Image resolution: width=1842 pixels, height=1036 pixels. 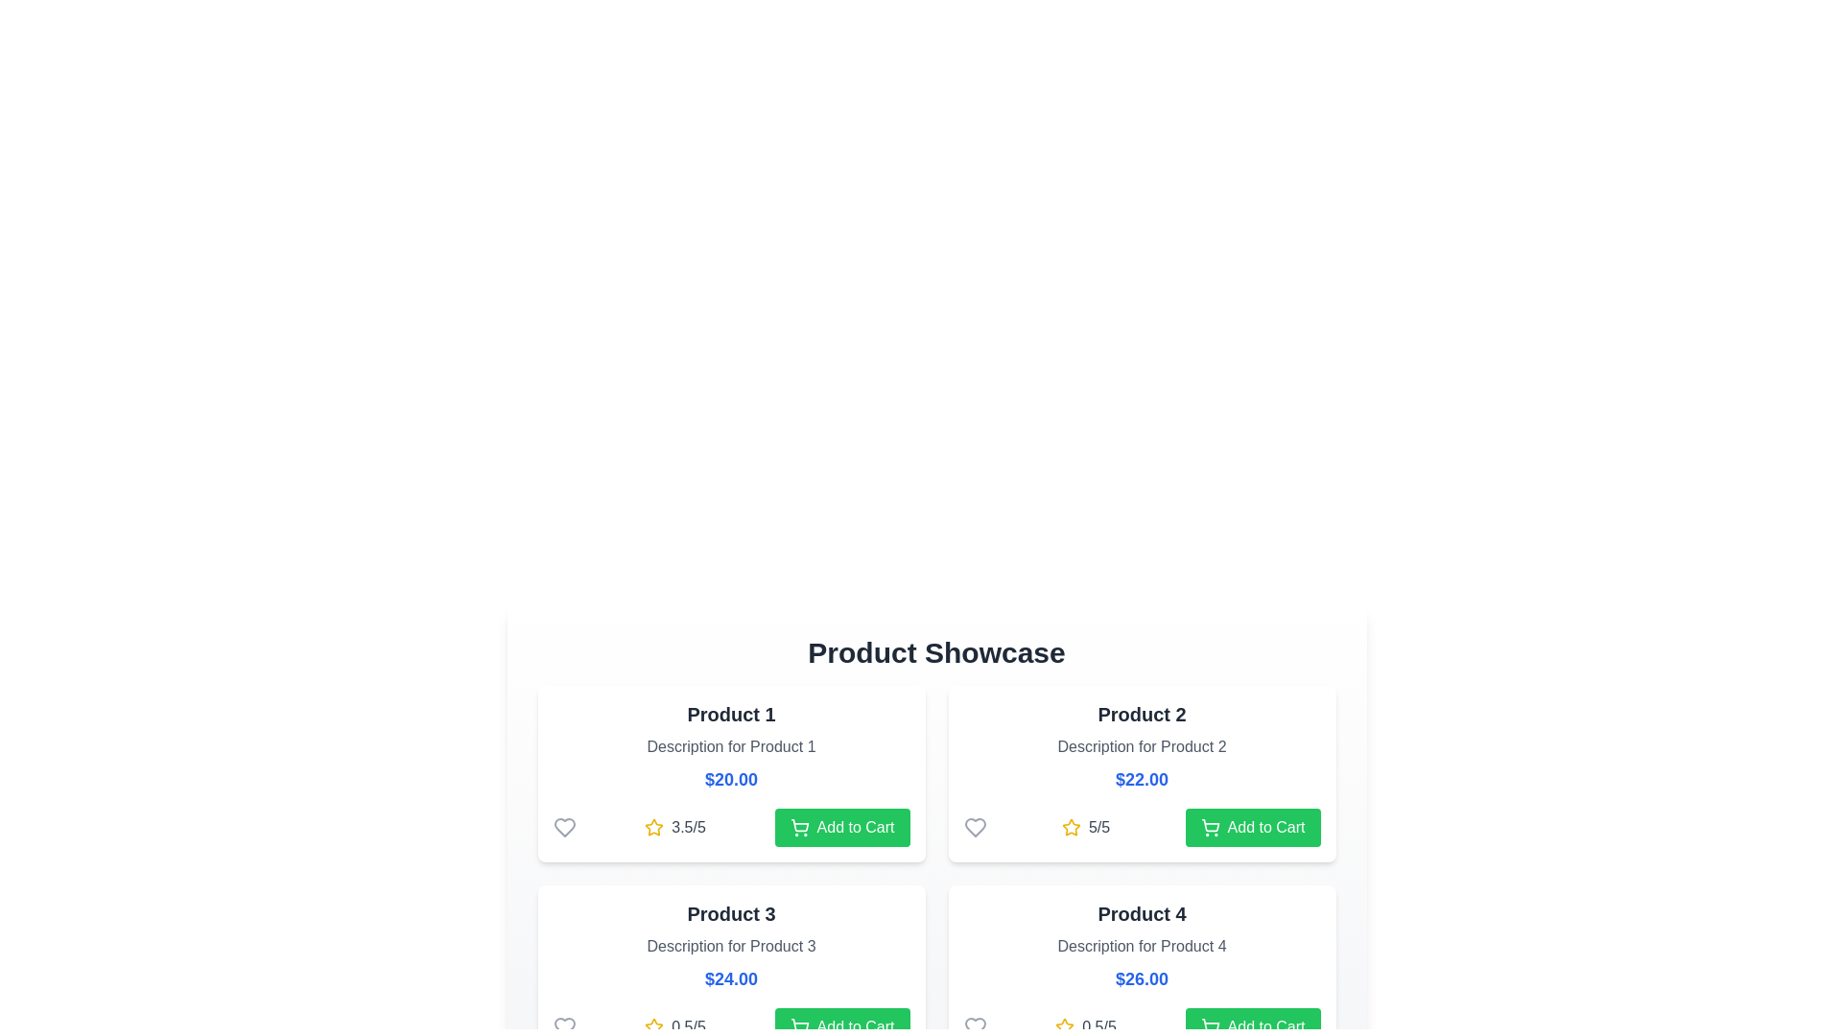 I want to click on the shopping cart icon located inside the green 'Add to Cart' button for 'Product 2' in the product showcase grid layout, so click(x=1209, y=827).